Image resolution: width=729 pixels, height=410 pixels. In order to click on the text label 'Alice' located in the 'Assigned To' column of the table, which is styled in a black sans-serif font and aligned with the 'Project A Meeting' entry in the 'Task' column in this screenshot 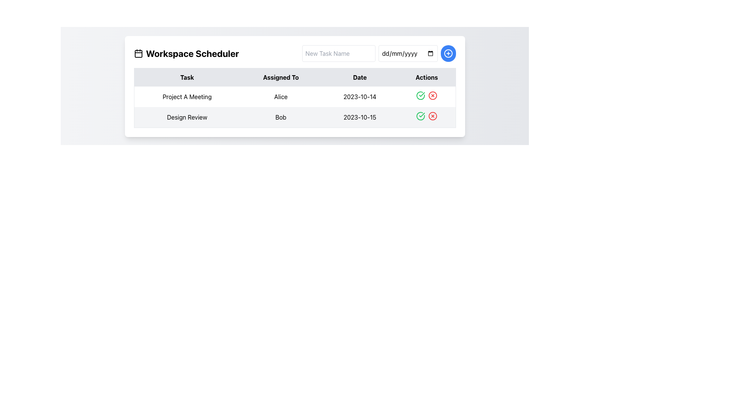, I will do `click(280, 96)`.